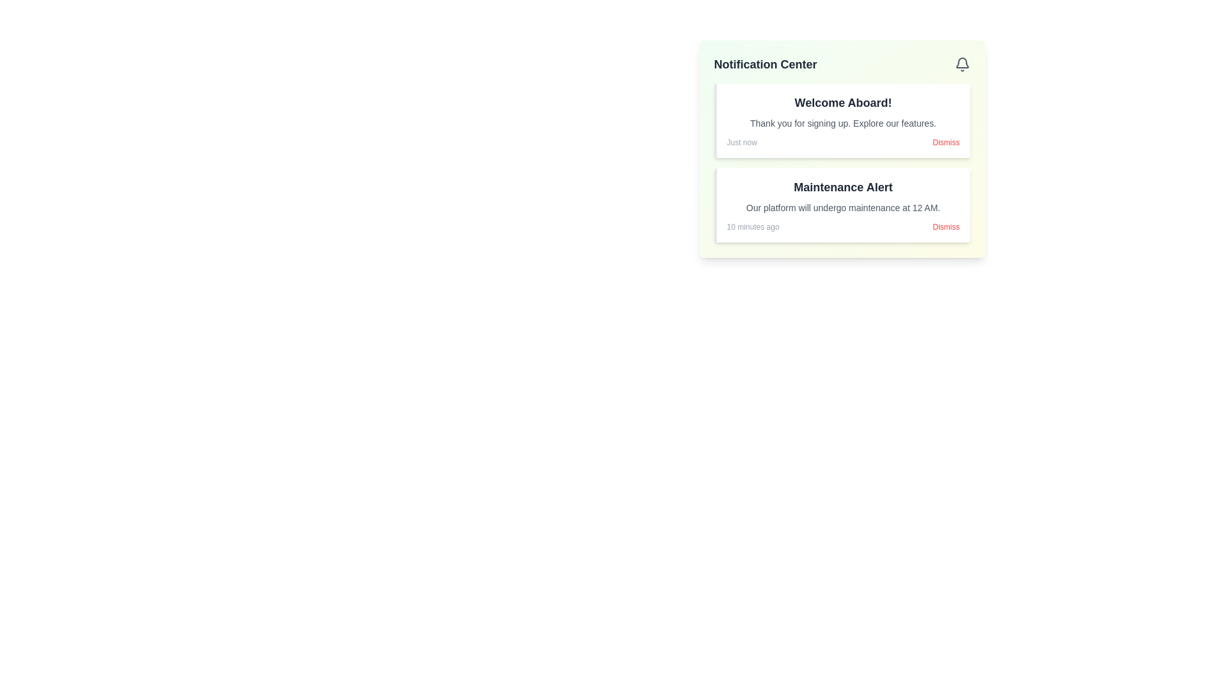 The image size is (1228, 691). I want to click on the static text providing additional information under the title 'Welcome Aboard!' in the notification card, so click(843, 123).